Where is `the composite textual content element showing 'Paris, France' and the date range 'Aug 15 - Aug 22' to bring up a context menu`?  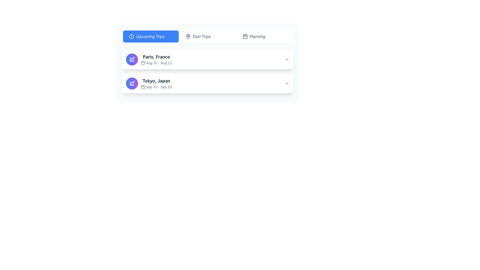
the composite textual content element showing 'Paris, France' and the date range 'Aug 15 - Aug 22' to bring up a context menu is located at coordinates (156, 59).